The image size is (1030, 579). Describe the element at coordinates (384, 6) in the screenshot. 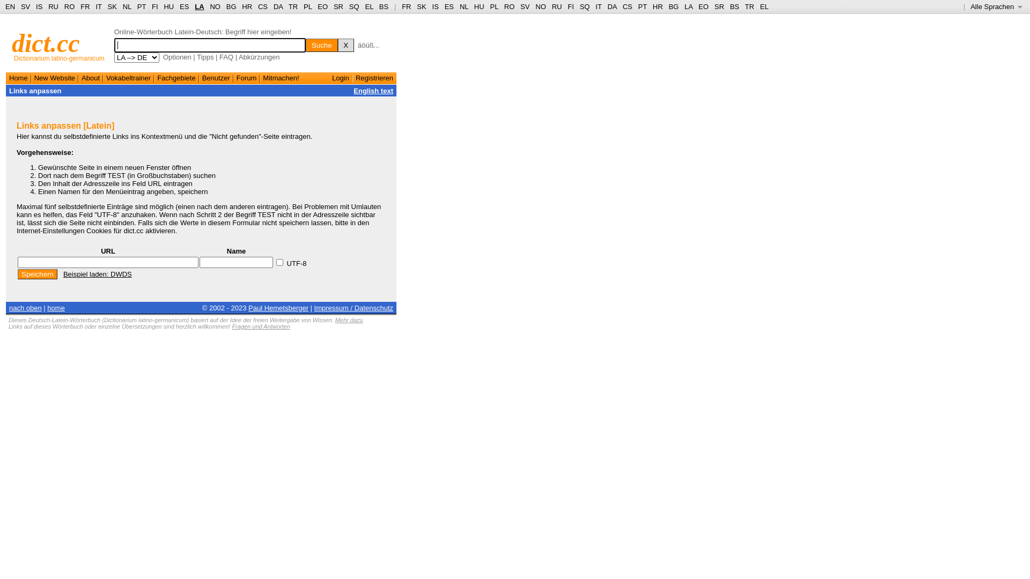

I see `'BS'` at that location.